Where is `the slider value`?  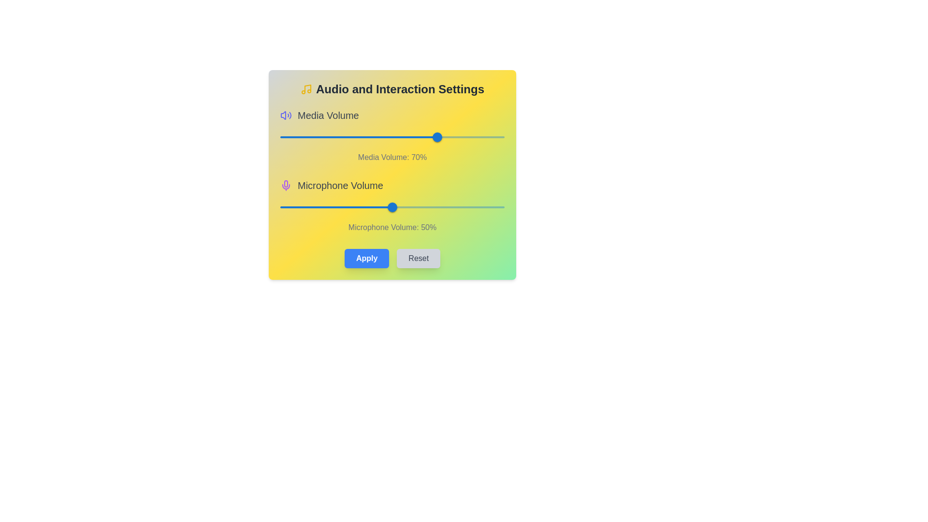
the slider value is located at coordinates (306, 137).